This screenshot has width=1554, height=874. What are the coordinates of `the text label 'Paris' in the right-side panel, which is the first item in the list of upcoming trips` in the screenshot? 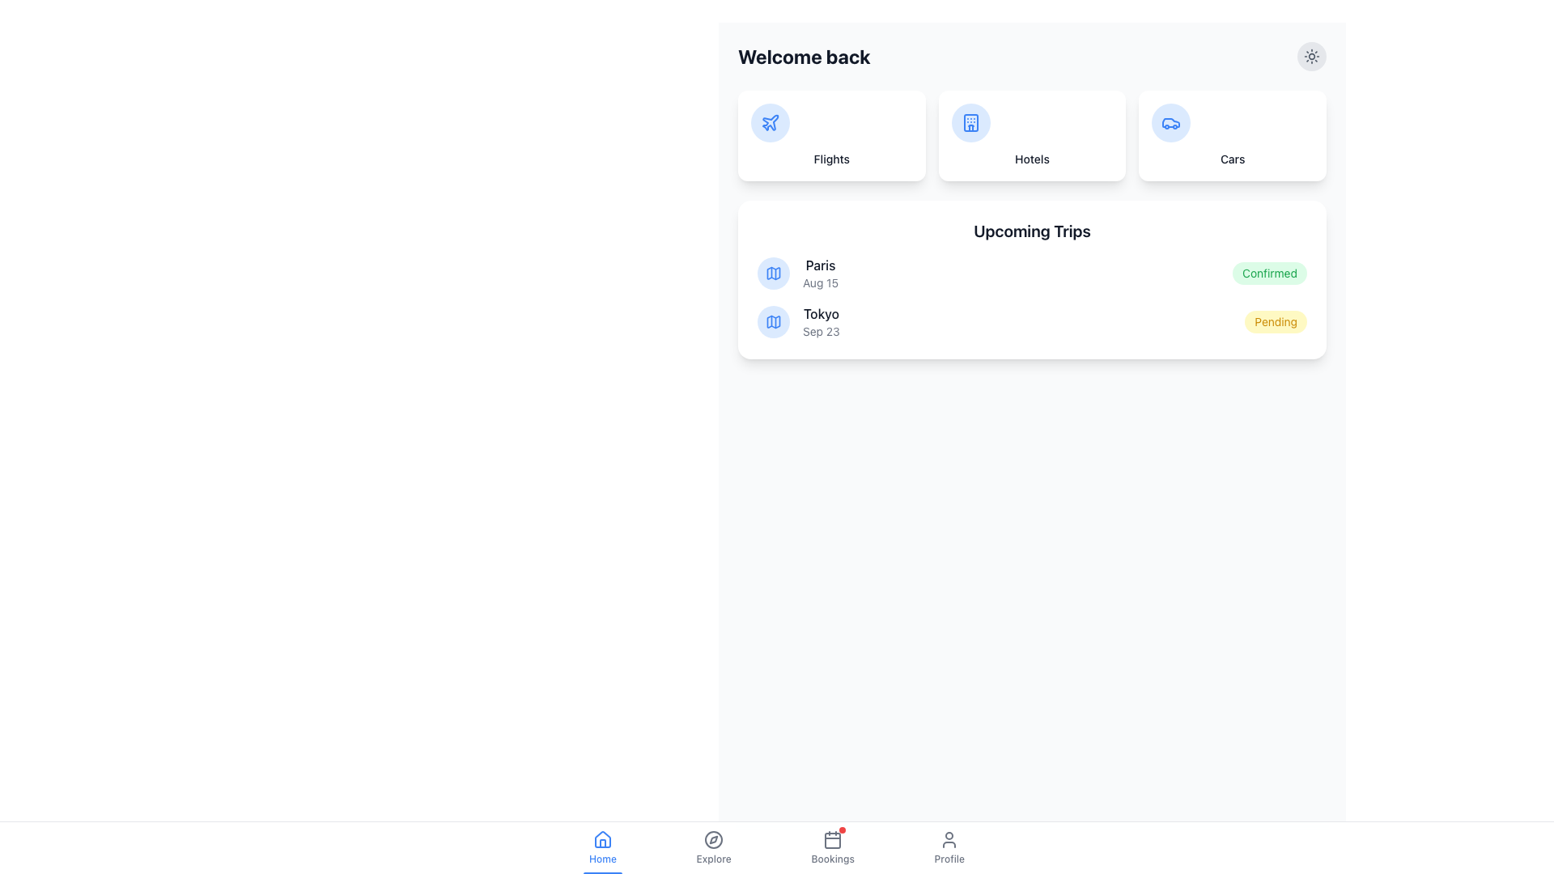 It's located at (820, 264).